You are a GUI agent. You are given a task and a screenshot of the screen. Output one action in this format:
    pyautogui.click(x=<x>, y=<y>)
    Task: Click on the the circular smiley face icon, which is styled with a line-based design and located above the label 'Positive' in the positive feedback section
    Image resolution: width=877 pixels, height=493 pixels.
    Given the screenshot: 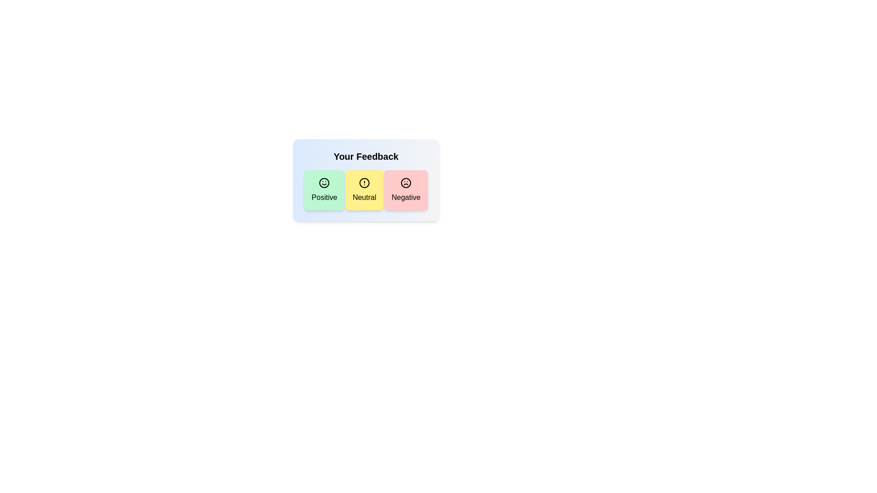 What is the action you would take?
    pyautogui.click(x=324, y=183)
    